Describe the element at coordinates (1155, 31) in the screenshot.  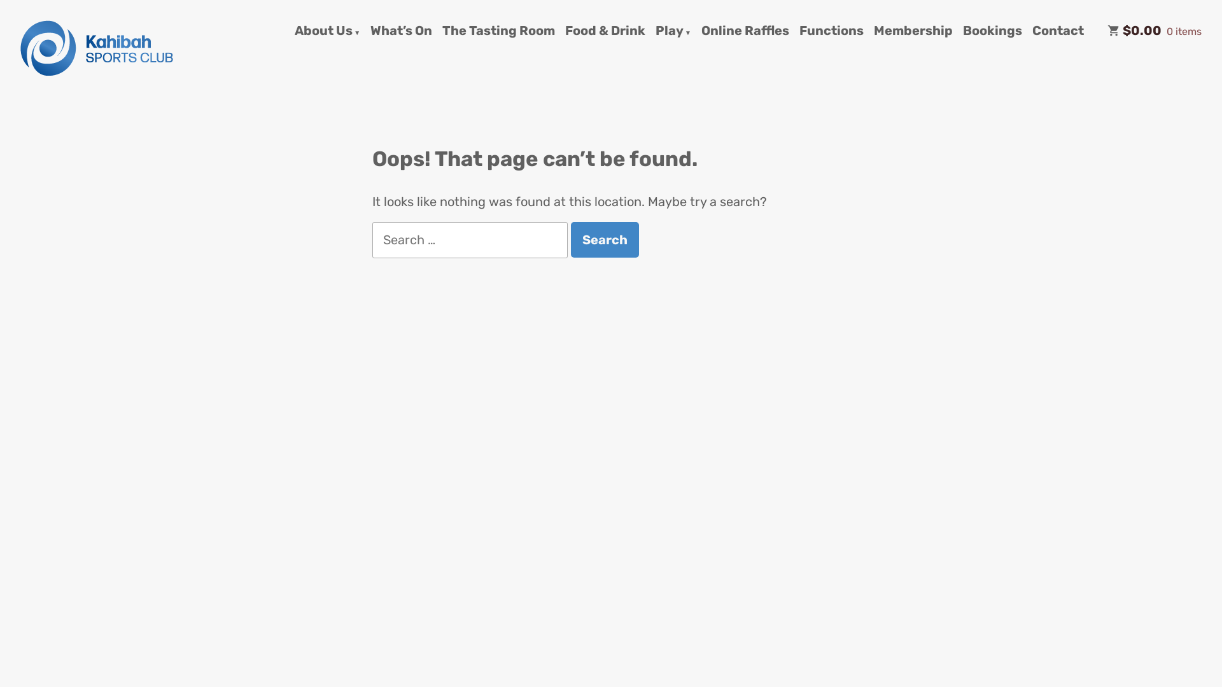
I see `'$0.00 0 items'` at that location.